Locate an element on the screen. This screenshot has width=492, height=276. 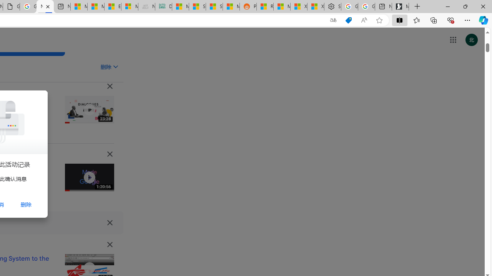
'R******* | Trusted Community Engagement and Contributions' is located at coordinates (265, 7).